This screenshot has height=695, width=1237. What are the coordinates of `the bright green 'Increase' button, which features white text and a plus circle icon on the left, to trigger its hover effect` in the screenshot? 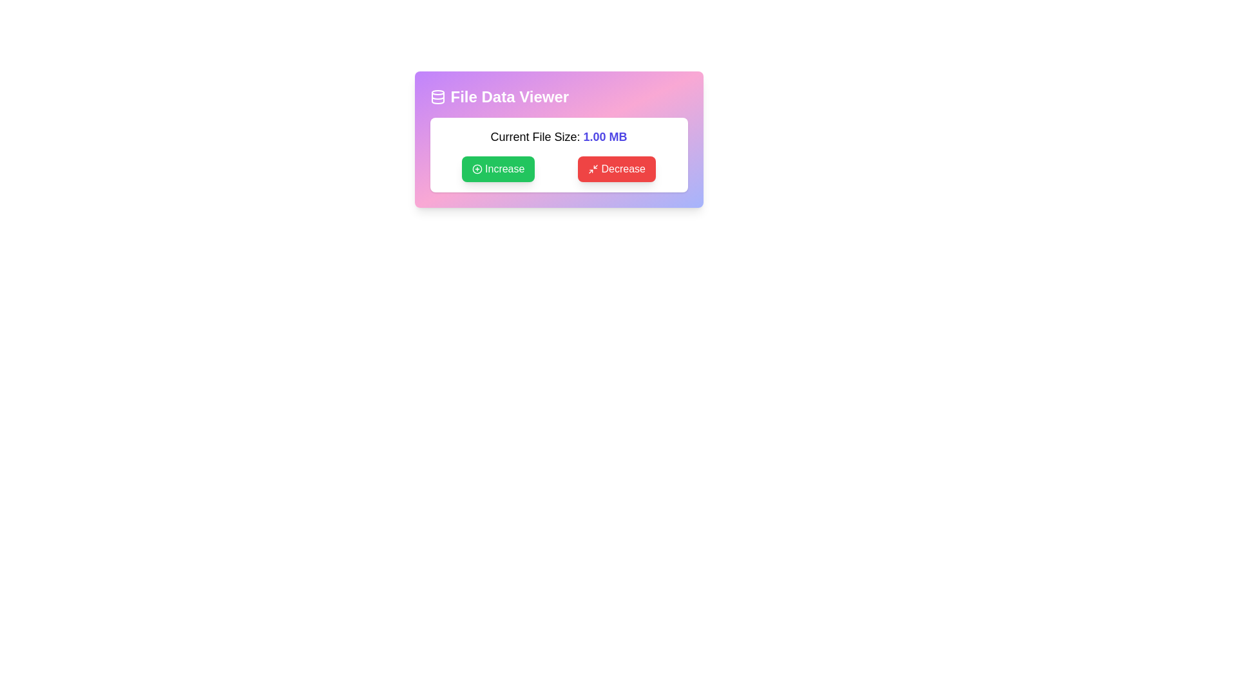 It's located at (497, 168).